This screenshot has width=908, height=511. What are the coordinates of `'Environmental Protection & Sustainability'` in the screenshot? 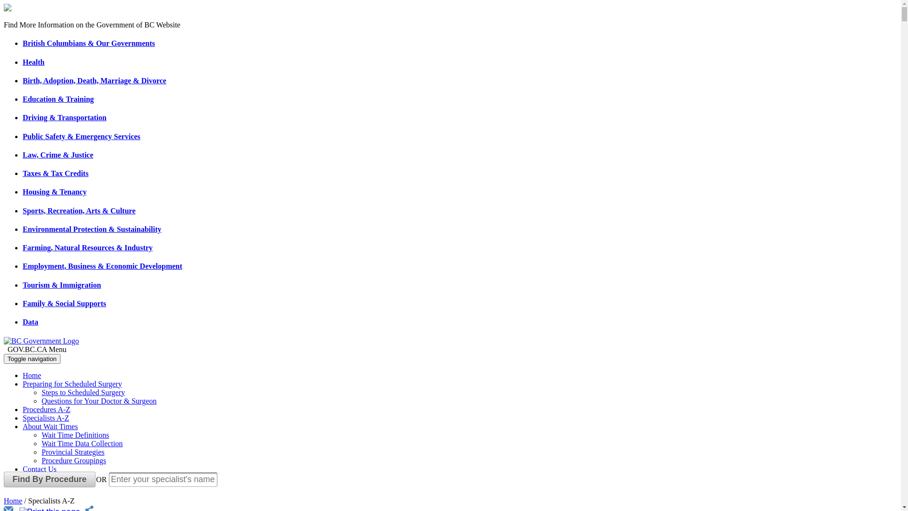 It's located at (92, 229).